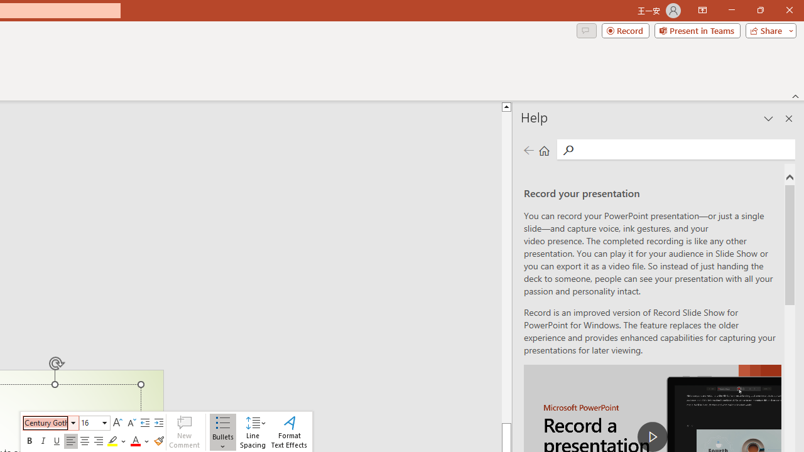  I want to click on 'play Record a Presentation', so click(652, 436).